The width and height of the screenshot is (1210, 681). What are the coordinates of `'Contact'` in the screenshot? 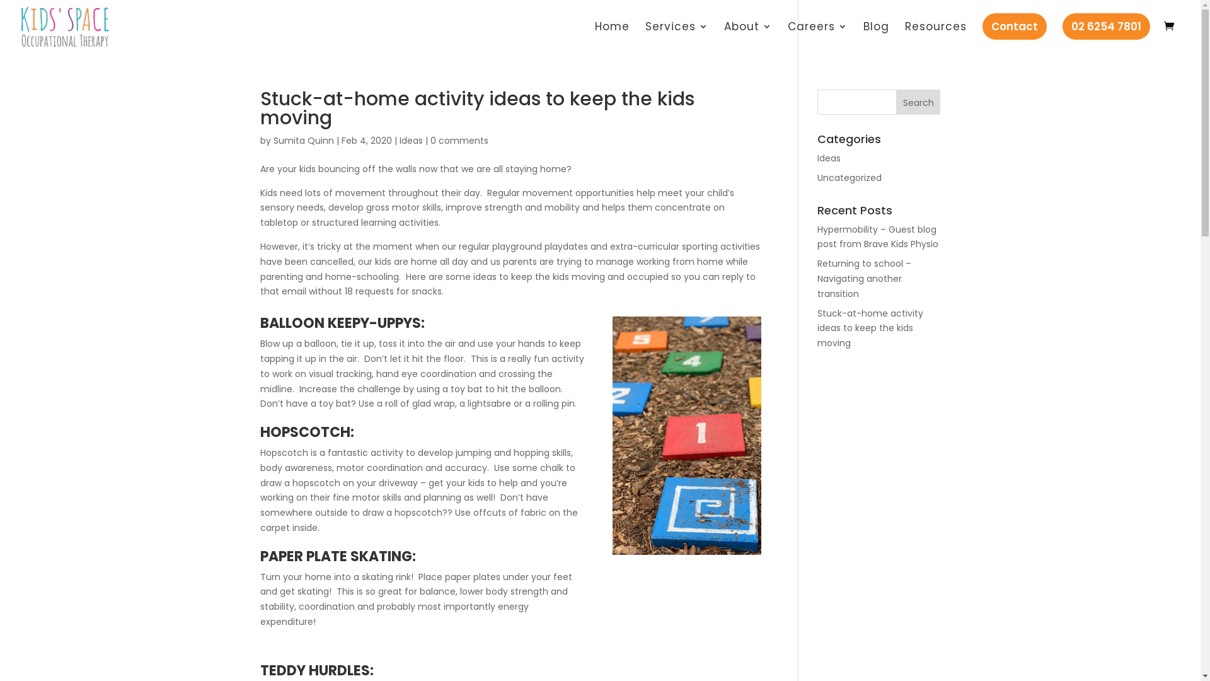 It's located at (989, 32).